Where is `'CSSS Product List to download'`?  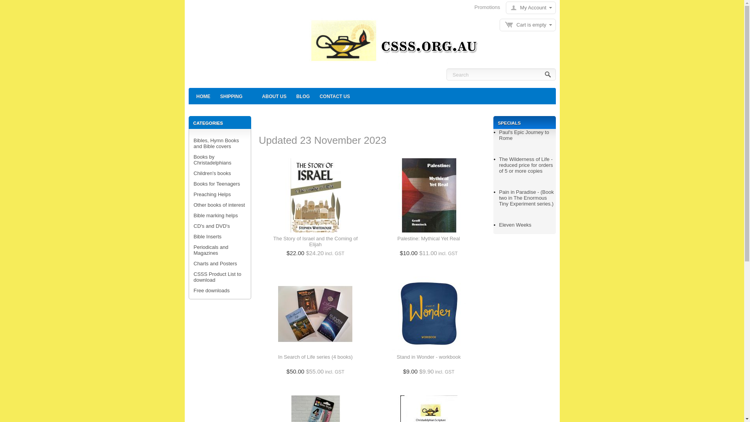 'CSSS Product List to download' is located at coordinates (217, 277).